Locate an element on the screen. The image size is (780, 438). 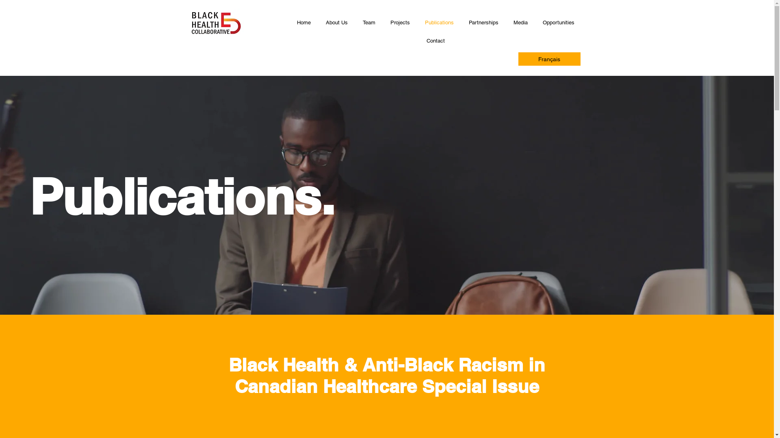
'Home' is located at coordinates (303, 22).